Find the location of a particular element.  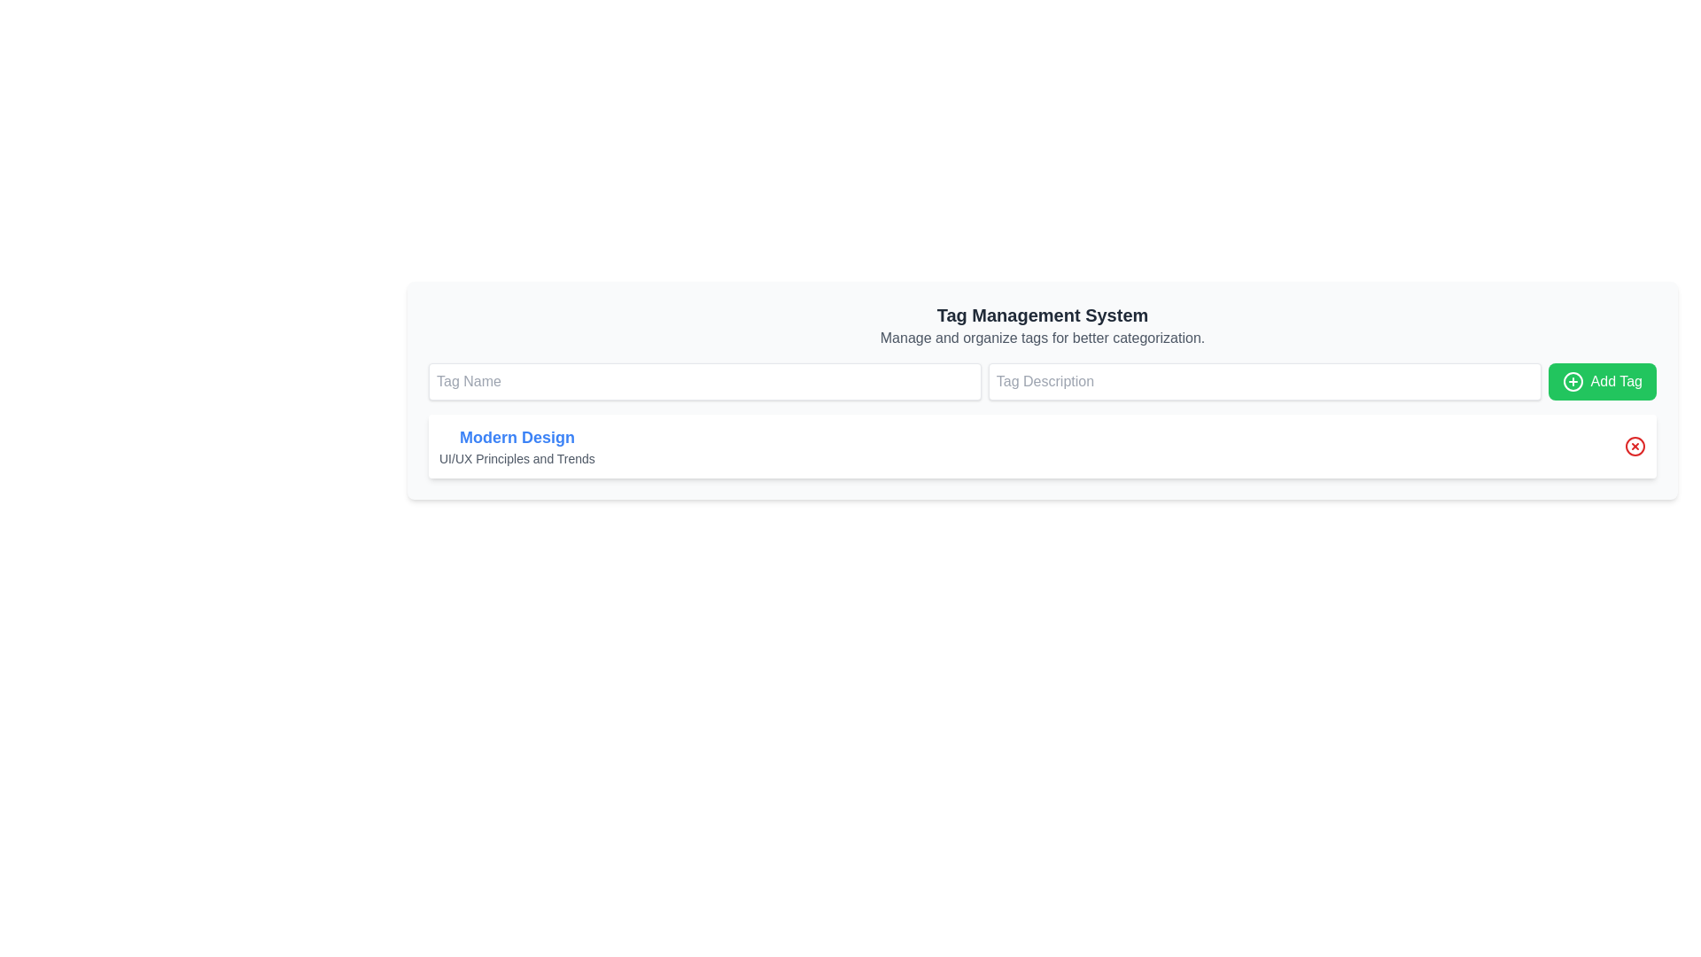

the 'Add Tag' green button which visually indicates the action to create a new tag is located at coordinates (1573, 381).